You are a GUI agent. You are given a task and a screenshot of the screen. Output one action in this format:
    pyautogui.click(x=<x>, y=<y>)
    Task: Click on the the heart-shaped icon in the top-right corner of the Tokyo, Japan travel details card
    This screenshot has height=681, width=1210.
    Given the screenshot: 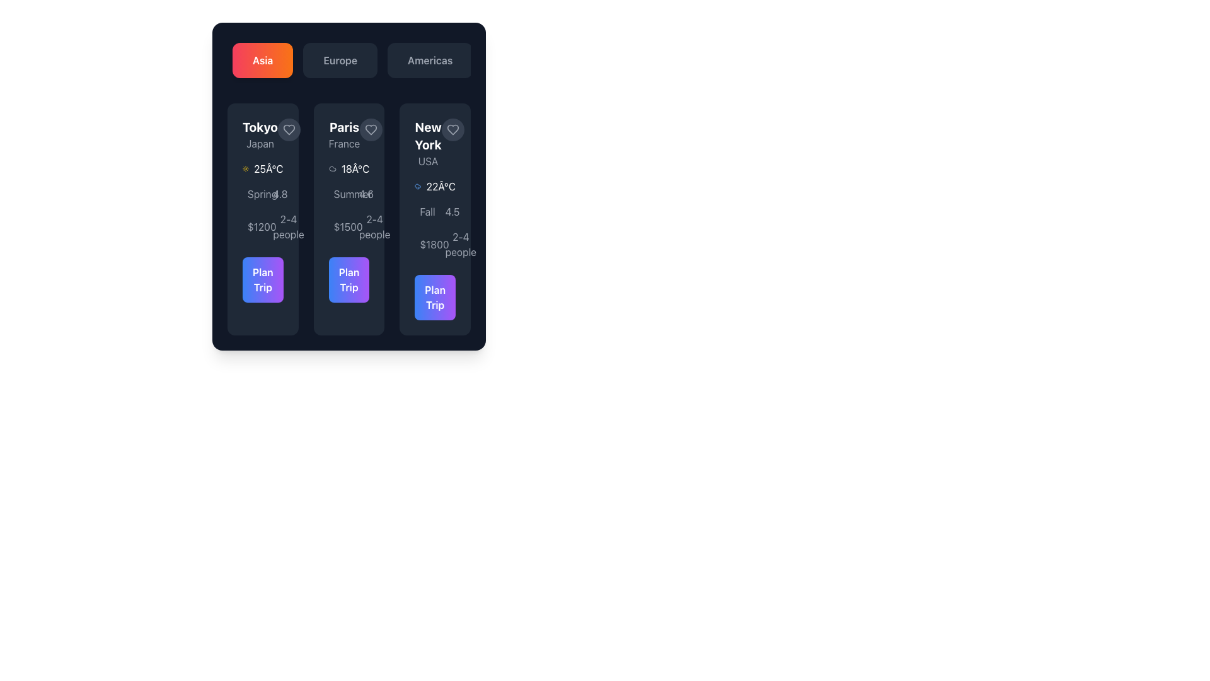 What is the action you would take?
    pyautogui.click(x=289, y=129)
    